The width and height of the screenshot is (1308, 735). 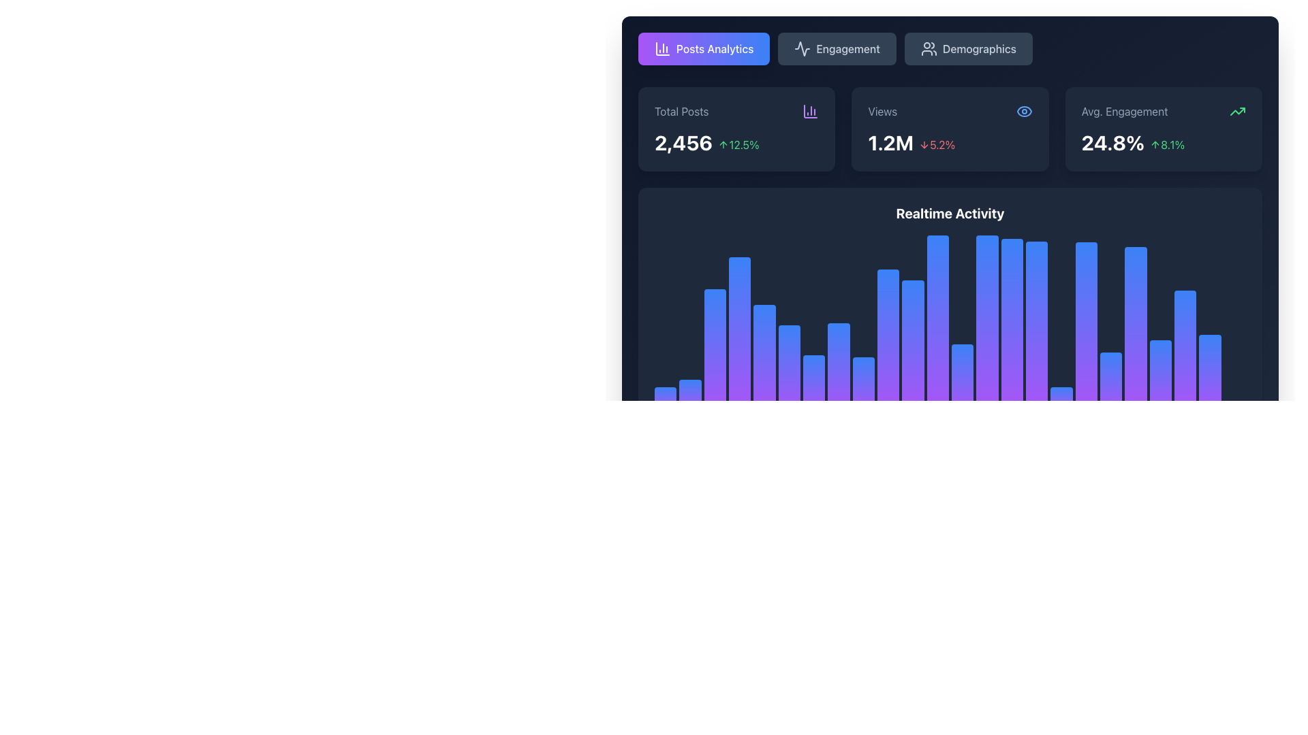 I want to click on the second bar from the left in the bar chart, which visually represents a specific data point and is located within the bottom region of the graph area, so click(x=690, y=404).